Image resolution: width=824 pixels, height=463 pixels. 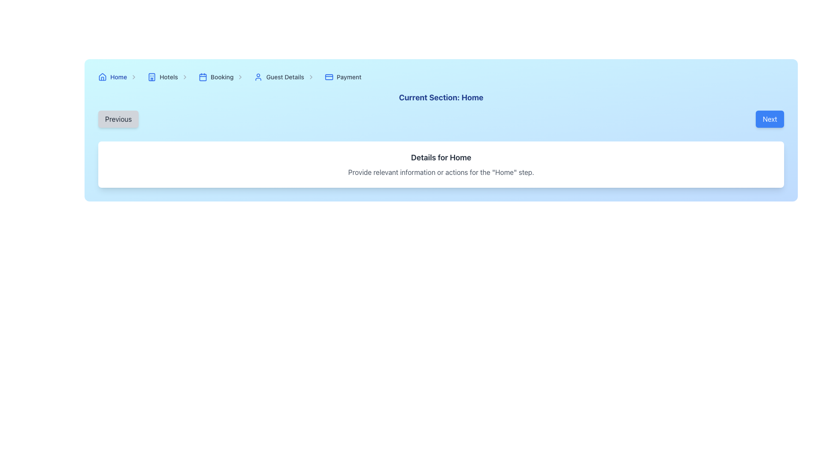 I want to click on the 'Hotels' hyperlink in the navigation bar to trigger the color change effect, so click(x=169, y=77).